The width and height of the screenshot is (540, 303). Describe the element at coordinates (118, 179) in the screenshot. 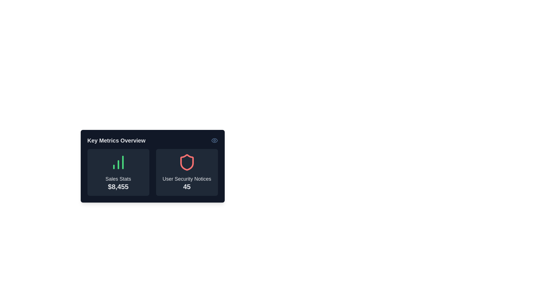

I see `the text 'Sales Stats' which is prominently displayed in white against a dark background, located within a card-like component above the large text '$8,455'` at that location.